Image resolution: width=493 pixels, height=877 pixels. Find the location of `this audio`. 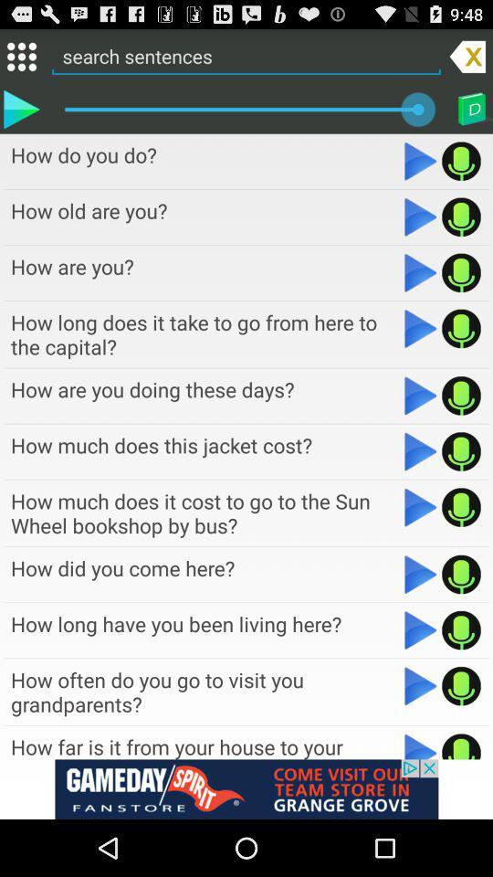

this audio is located at coordinates (460, 685).